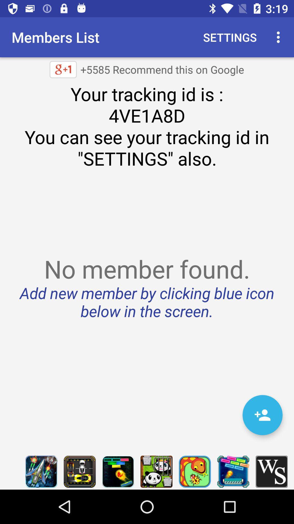 Image resolution: width=294 pixels, height=524 pixels. Describe the element at coordinates (41, 471) in the screenshot. I see `game` at that location.